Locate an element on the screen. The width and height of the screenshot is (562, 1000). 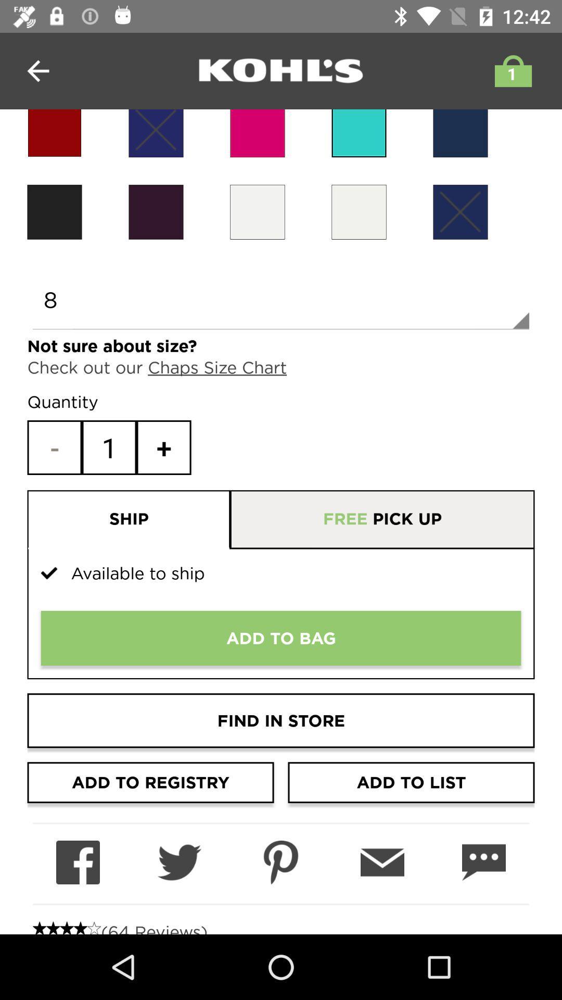
messaging or chat option is located at coordinates (483, 863).